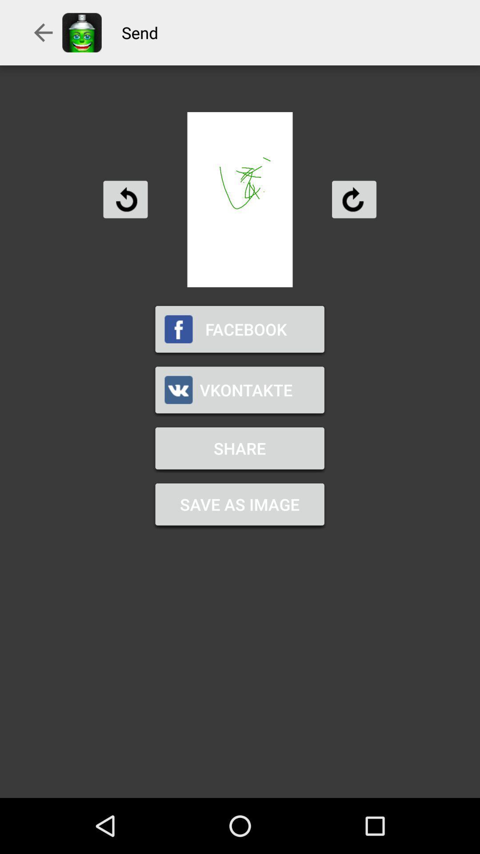  What do you see at coordinates (353, 199) in the screenshot?
I see `go ahead` at bounding box center [353, 199].